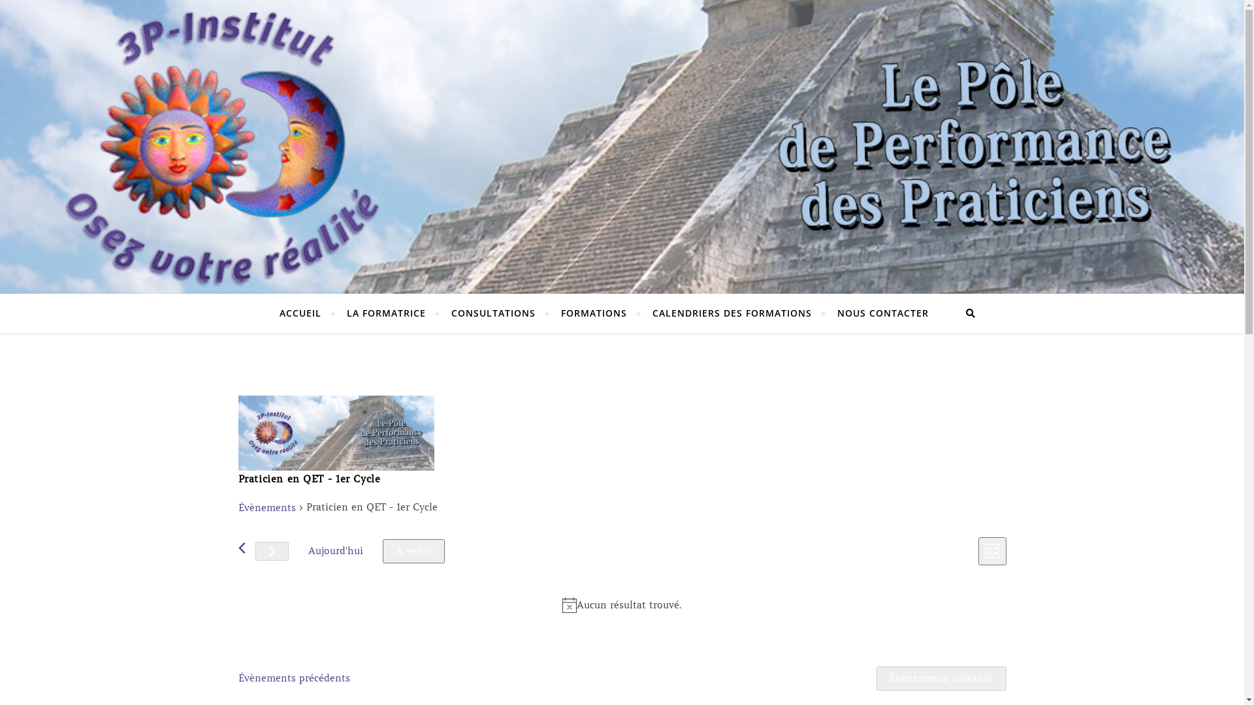 This screenshot has height=705, width=1254. What do you see at coordinates (978, 551) in the screenshot?
I see `'Liste'` at bounding box center [978, 551].